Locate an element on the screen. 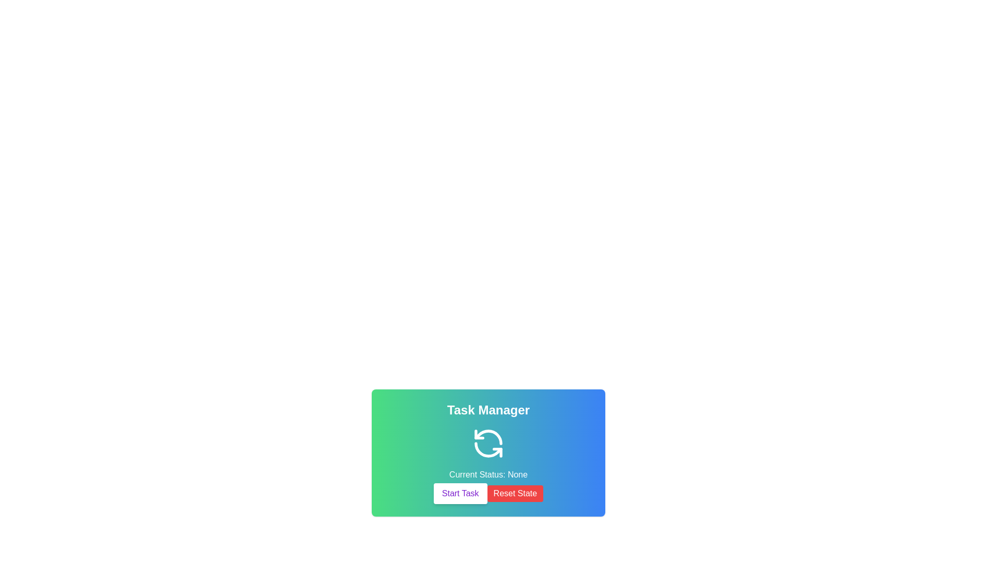 This screenshot has height=563, width=1001. the Text label that displays the current status of a task or process, which is centrally located above the horizontal button group is located at coordinates (487, 474).